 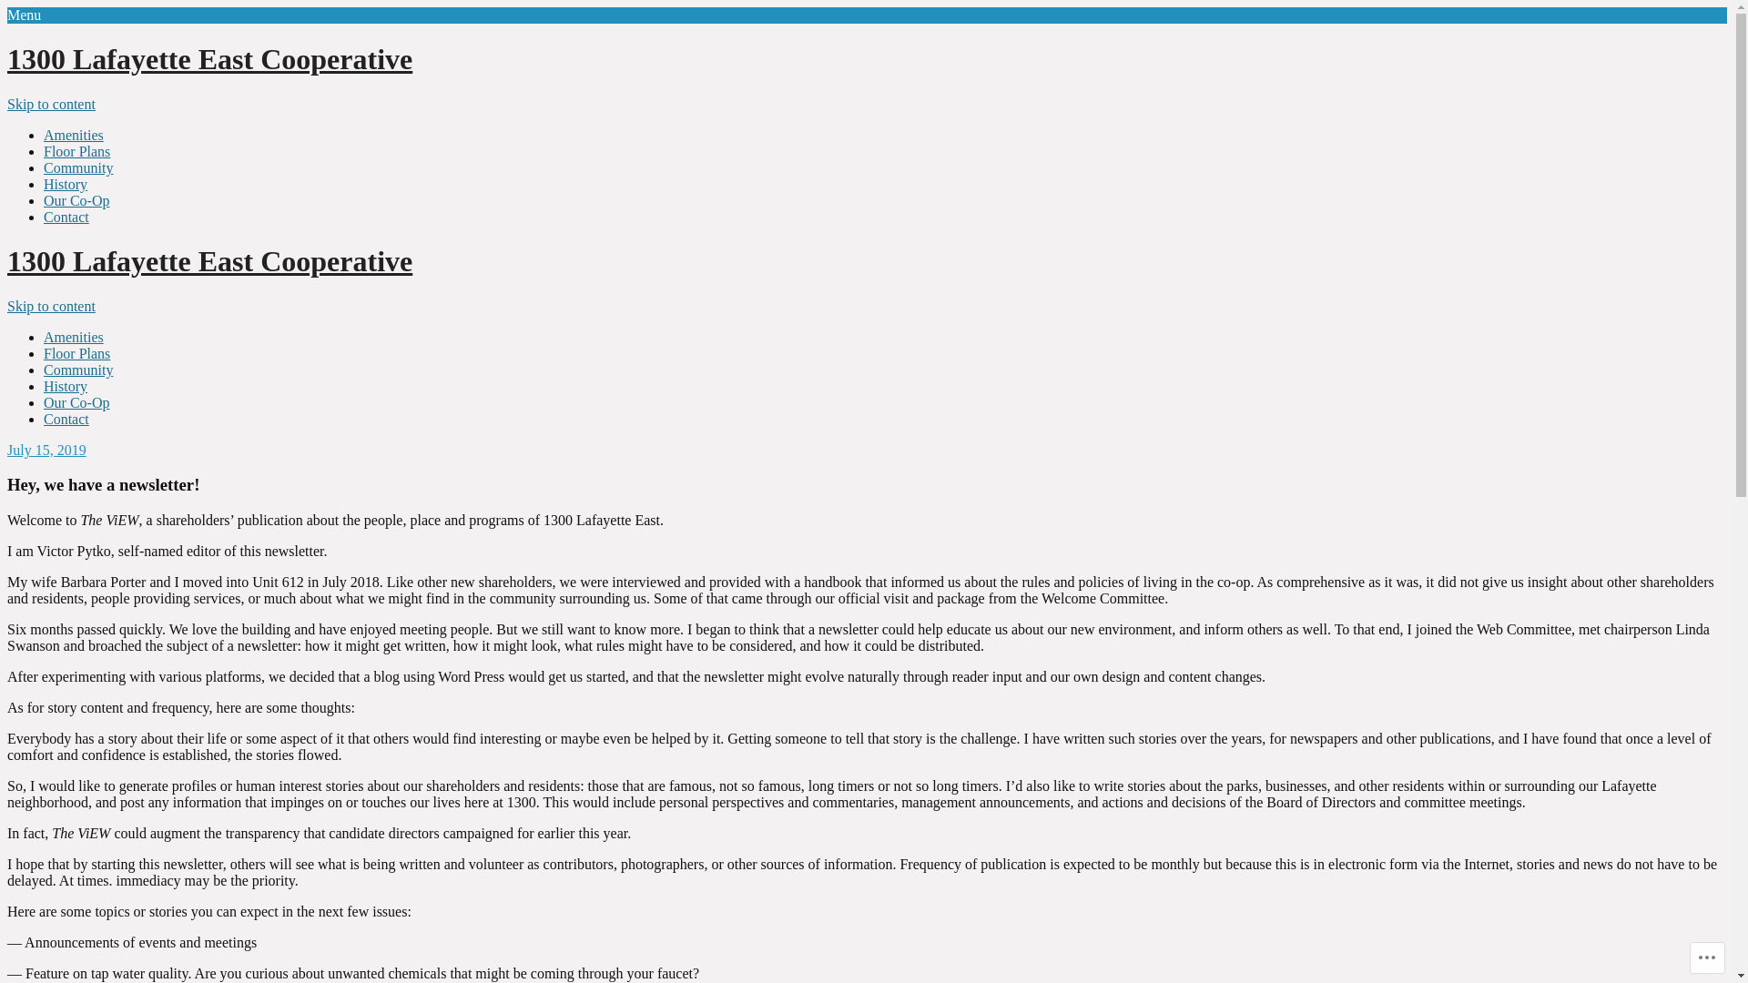 I want to click on '1300 Lafayette East Cooperative', so click(x=209, y=58).